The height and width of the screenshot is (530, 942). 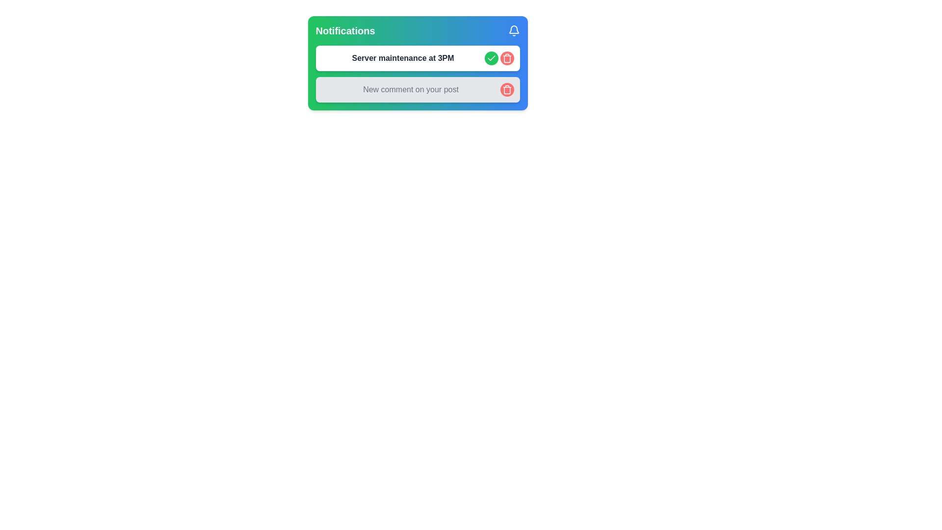 I want to click on the circular red button with a trash bin icon to observe its interactive style change, so click(x=507, y=58).